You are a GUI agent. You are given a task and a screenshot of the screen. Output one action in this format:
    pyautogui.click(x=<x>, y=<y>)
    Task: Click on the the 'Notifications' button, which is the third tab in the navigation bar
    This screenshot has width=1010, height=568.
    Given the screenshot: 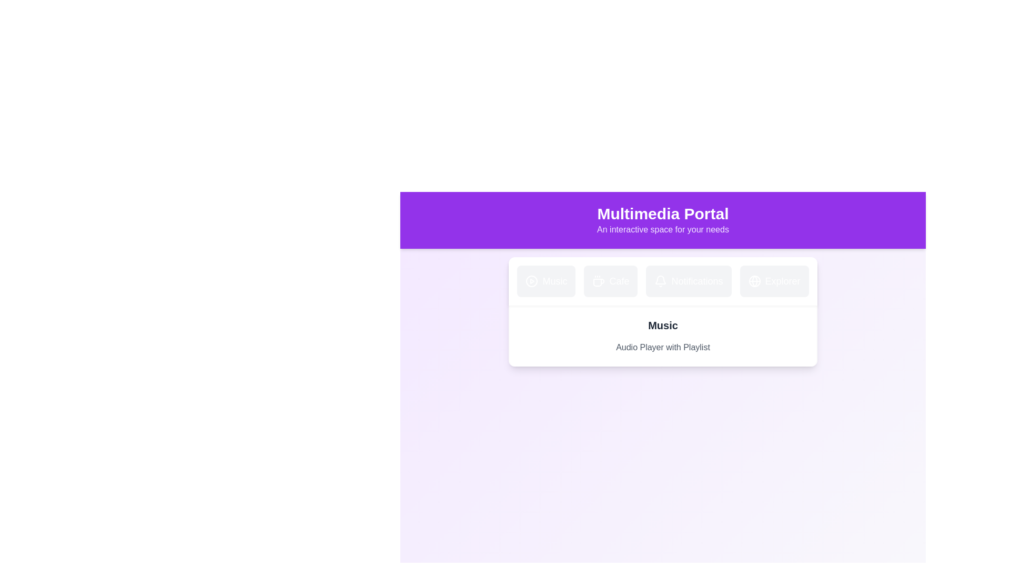 What is the action you would take?
    pyautogui.click(x=689, y=281)
    